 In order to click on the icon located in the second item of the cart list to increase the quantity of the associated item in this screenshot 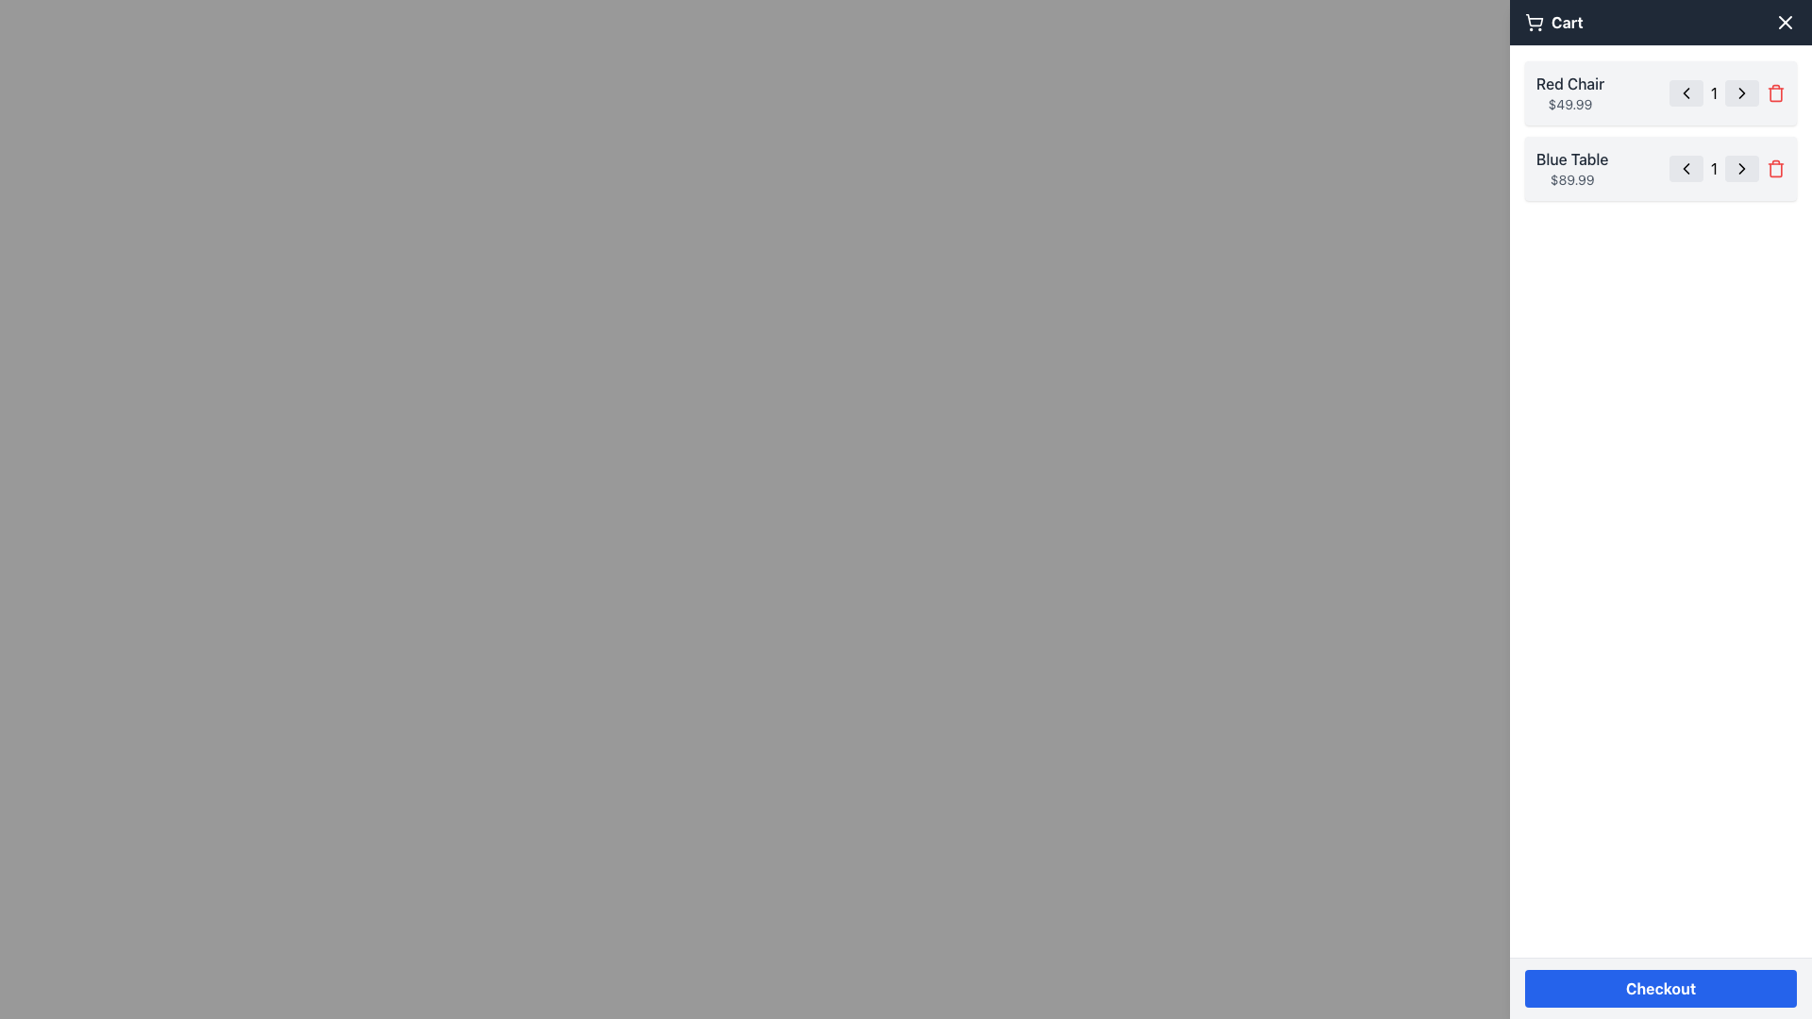, I will do `click(1741, 167)`.